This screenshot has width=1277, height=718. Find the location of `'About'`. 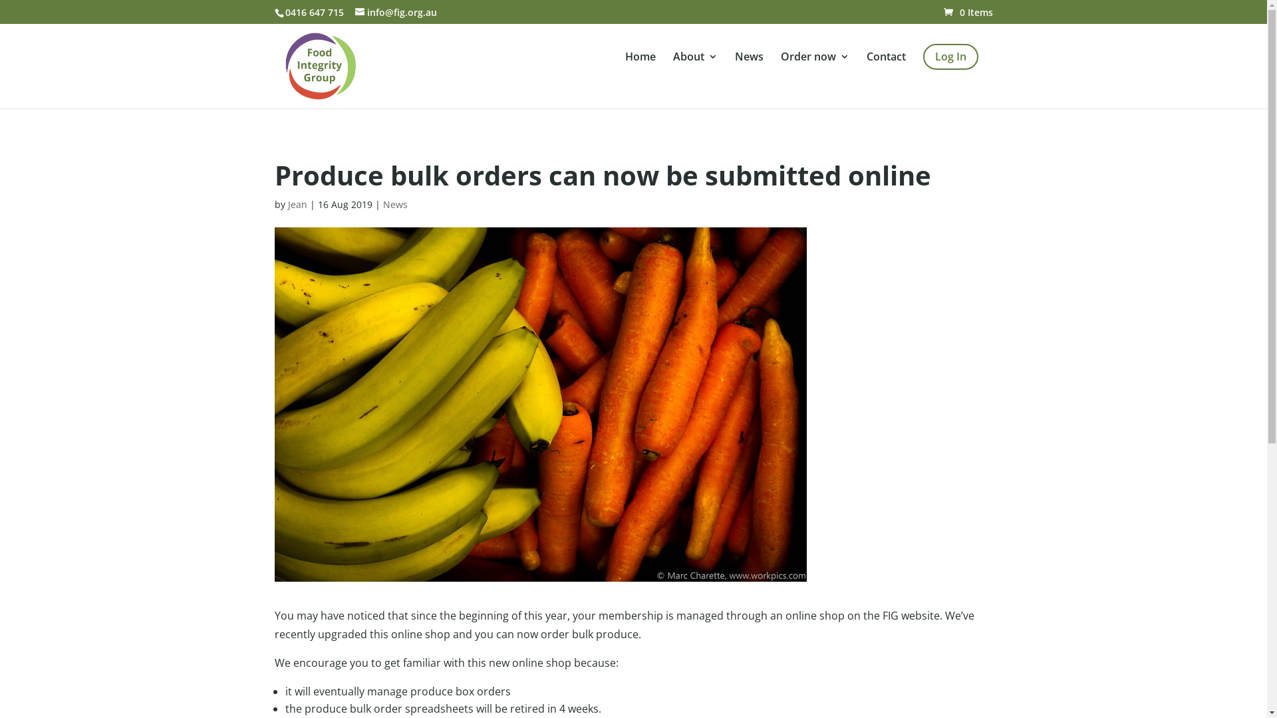

'About' is located at coordinates (694, 66).